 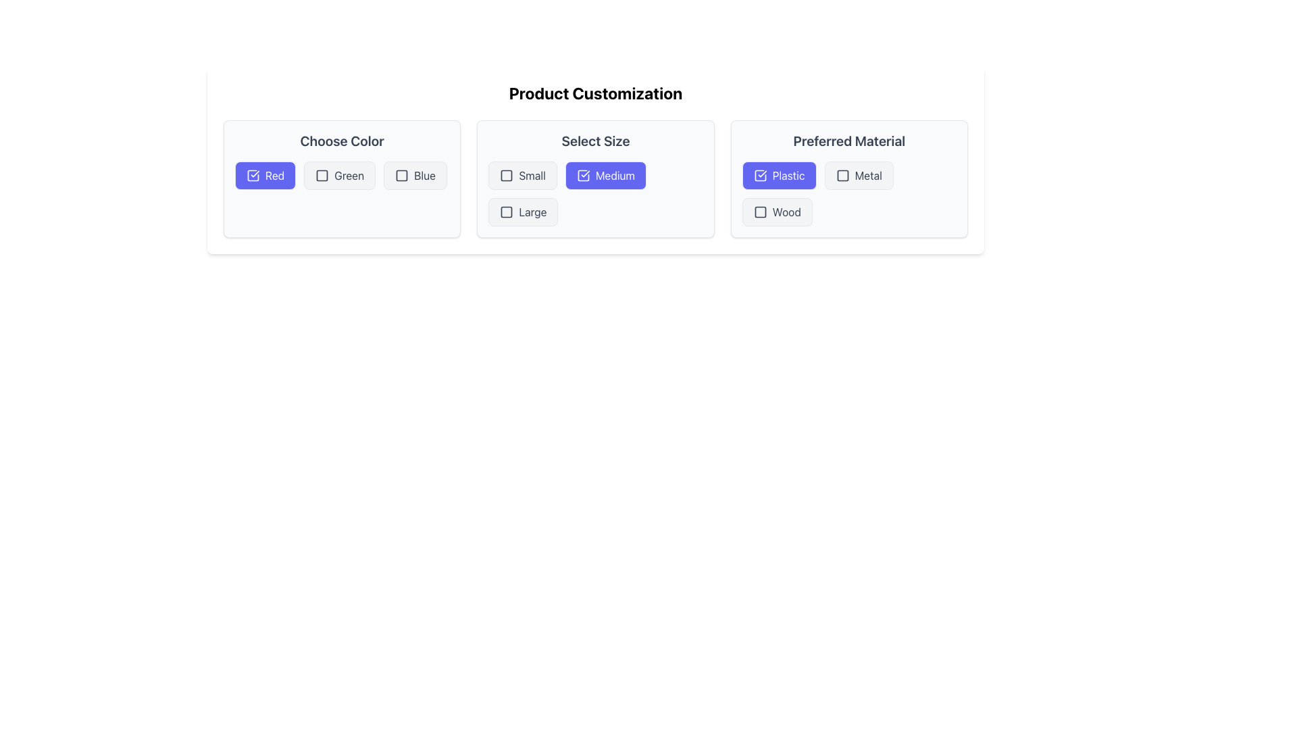 I want to click on the checkbox labeled 'Blue' in the 'Choose Color' section of the 'Product Customization' interface, so click(x=414, y=174).